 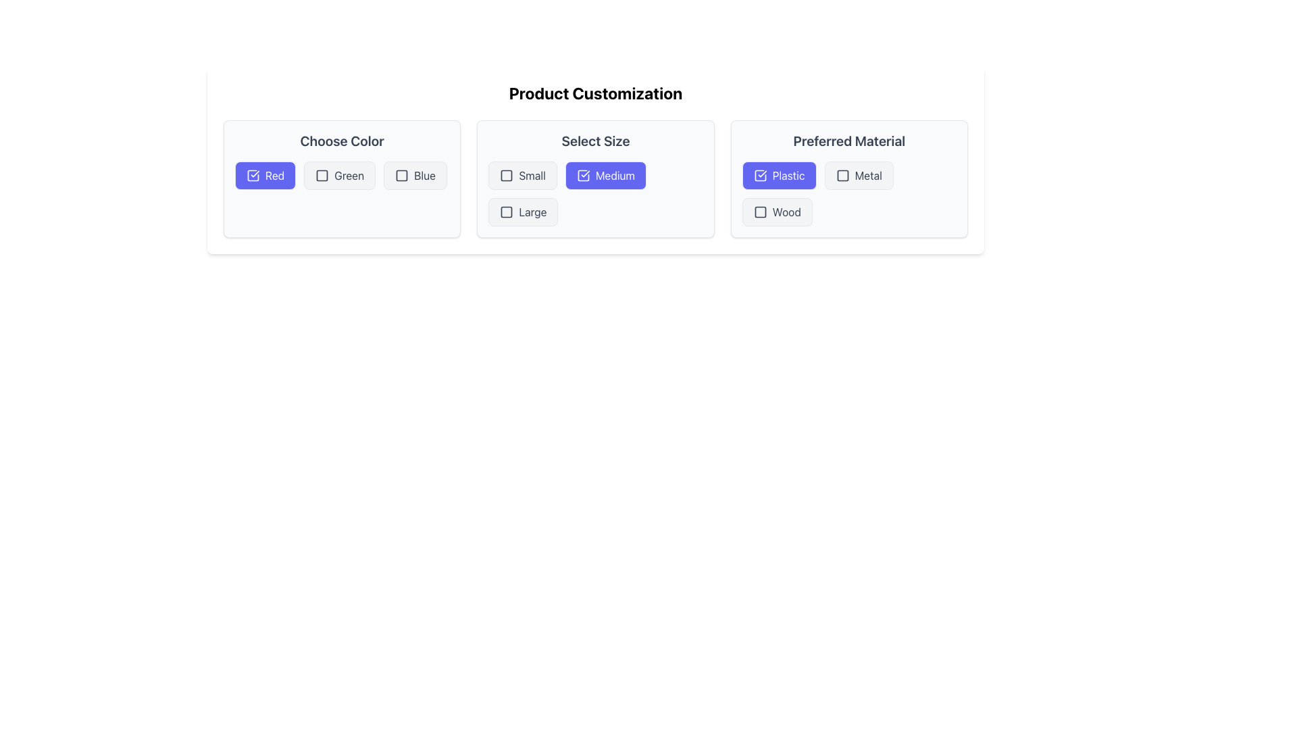 I want to click on the checkbox labeled 'Blue' in the 'Choose Color' section of the 'Product Customization' interface, so click(x=414, y=174).